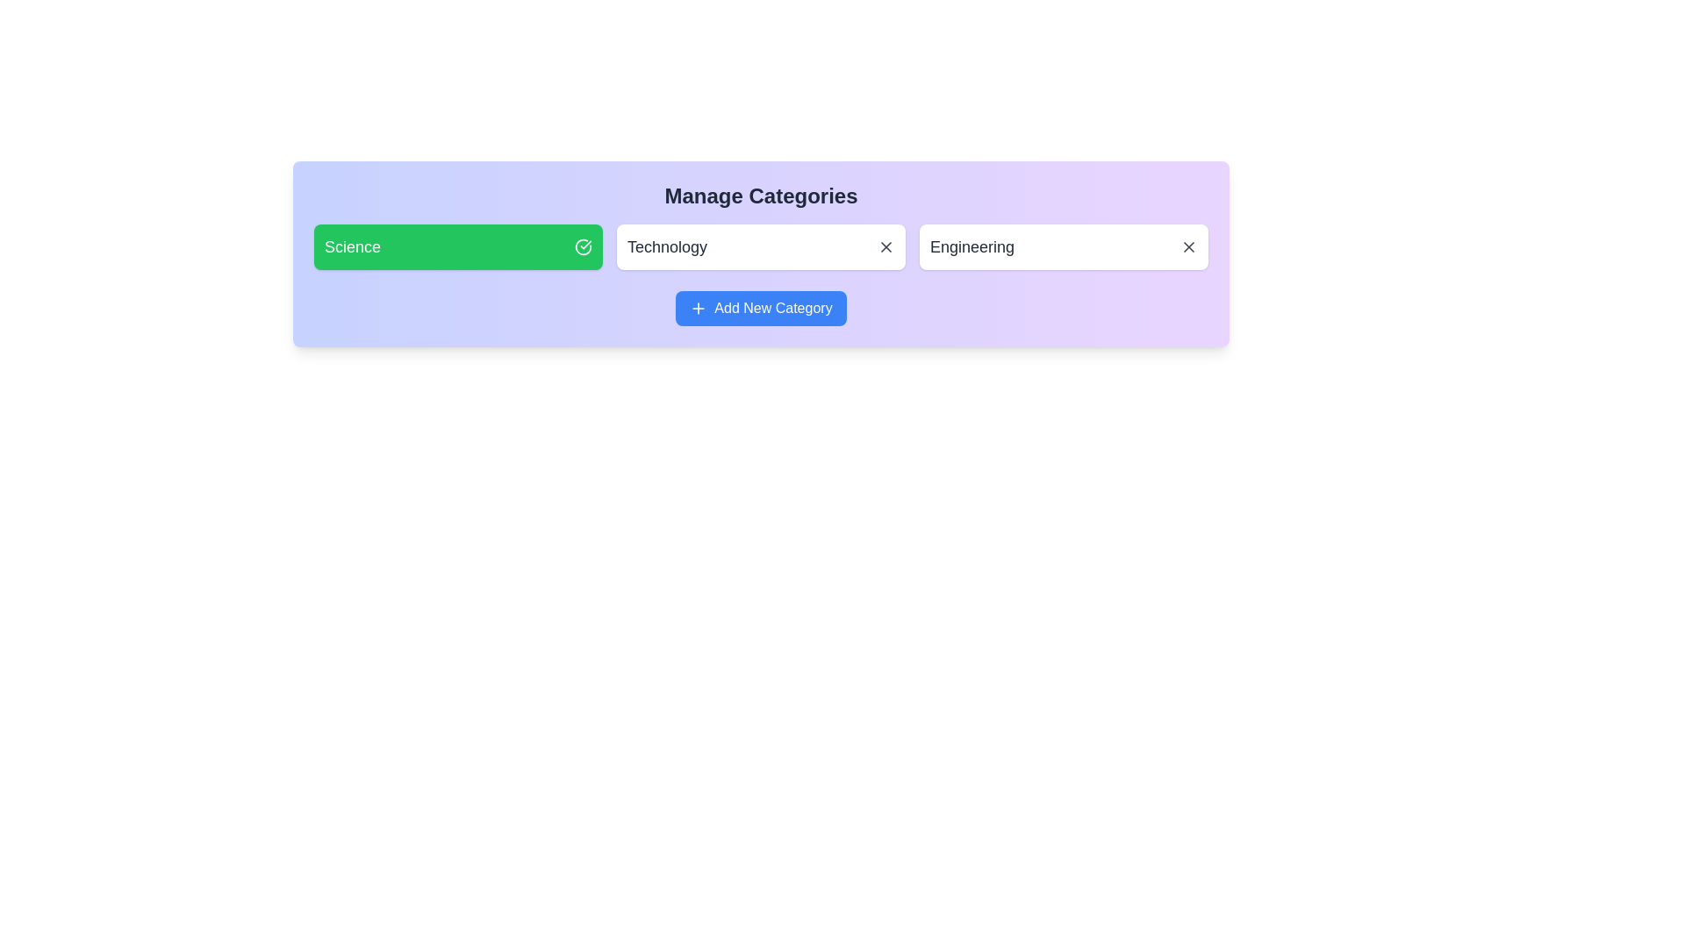 The height and width of the screenshot is (947, 1685). I want to click on the category Science to observe the hover effect, so click(458, 246).